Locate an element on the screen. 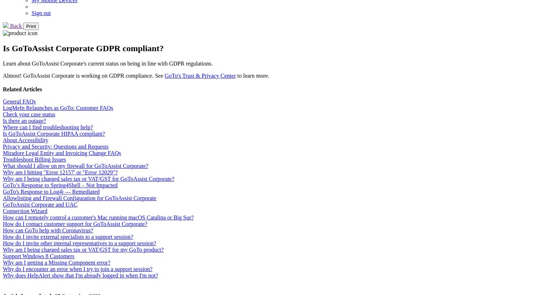  'Troubleshoot Billing Issues' is located at coordinates (34, 159).